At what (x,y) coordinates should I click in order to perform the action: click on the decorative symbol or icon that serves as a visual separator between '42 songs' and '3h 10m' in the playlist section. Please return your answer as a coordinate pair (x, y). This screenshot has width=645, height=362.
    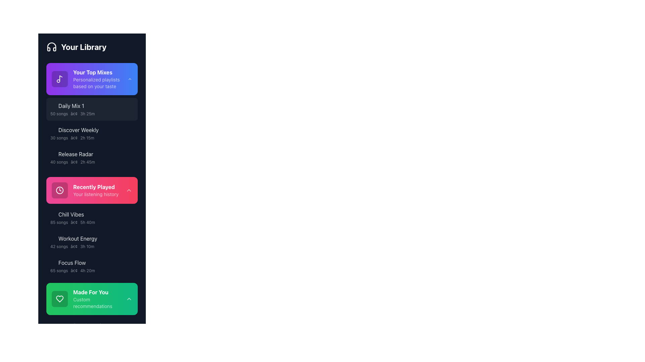
    Looking at the image, I should click on (74, 247).